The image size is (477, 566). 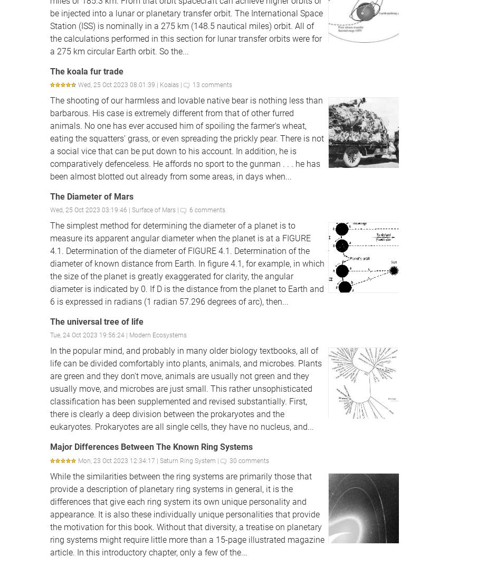 I want to click on '6 comments', so click(x=206, y=210).